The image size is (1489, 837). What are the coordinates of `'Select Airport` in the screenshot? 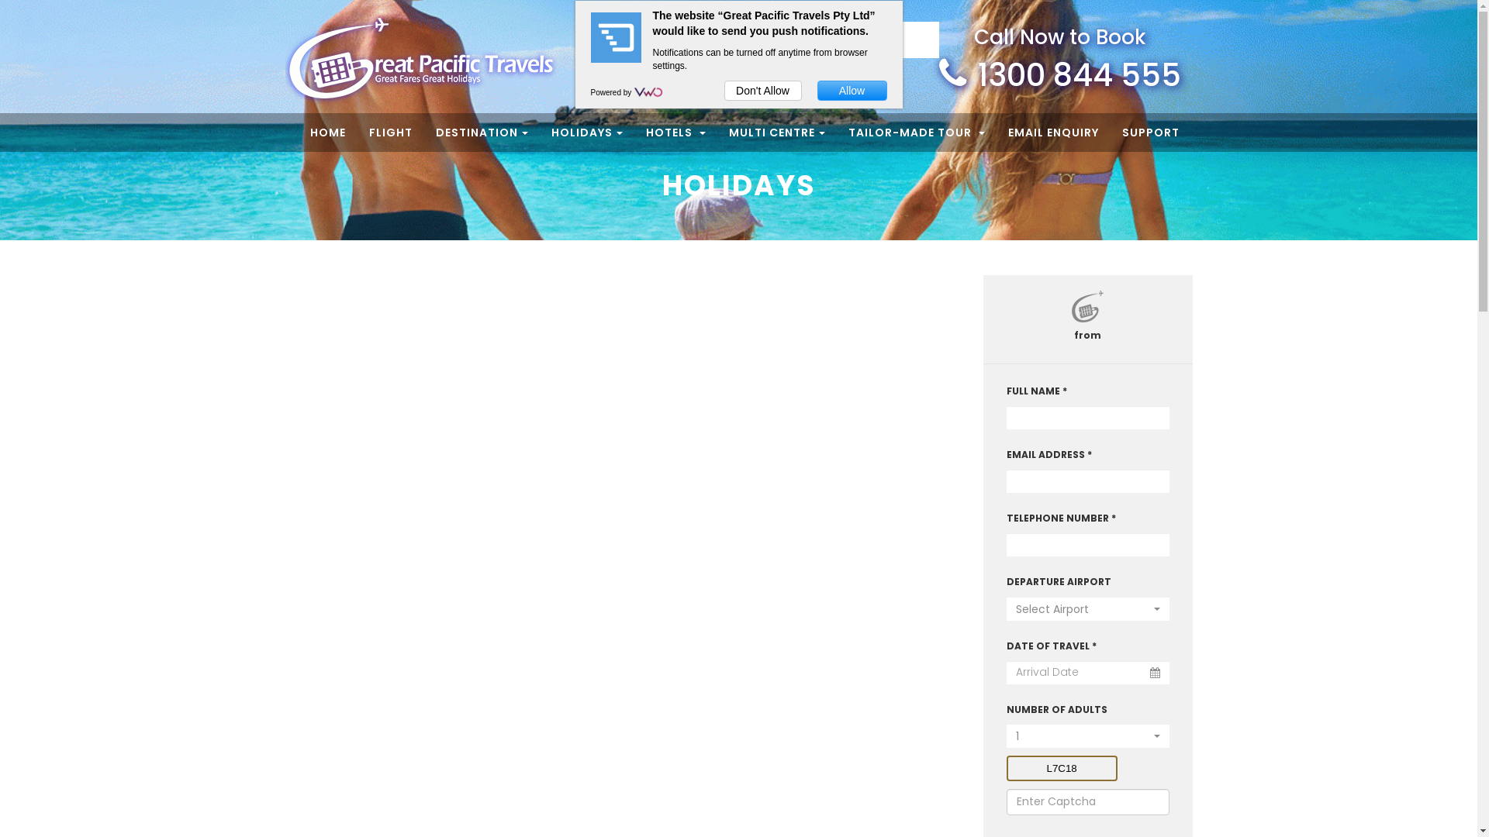 It's located at (1087, 608).